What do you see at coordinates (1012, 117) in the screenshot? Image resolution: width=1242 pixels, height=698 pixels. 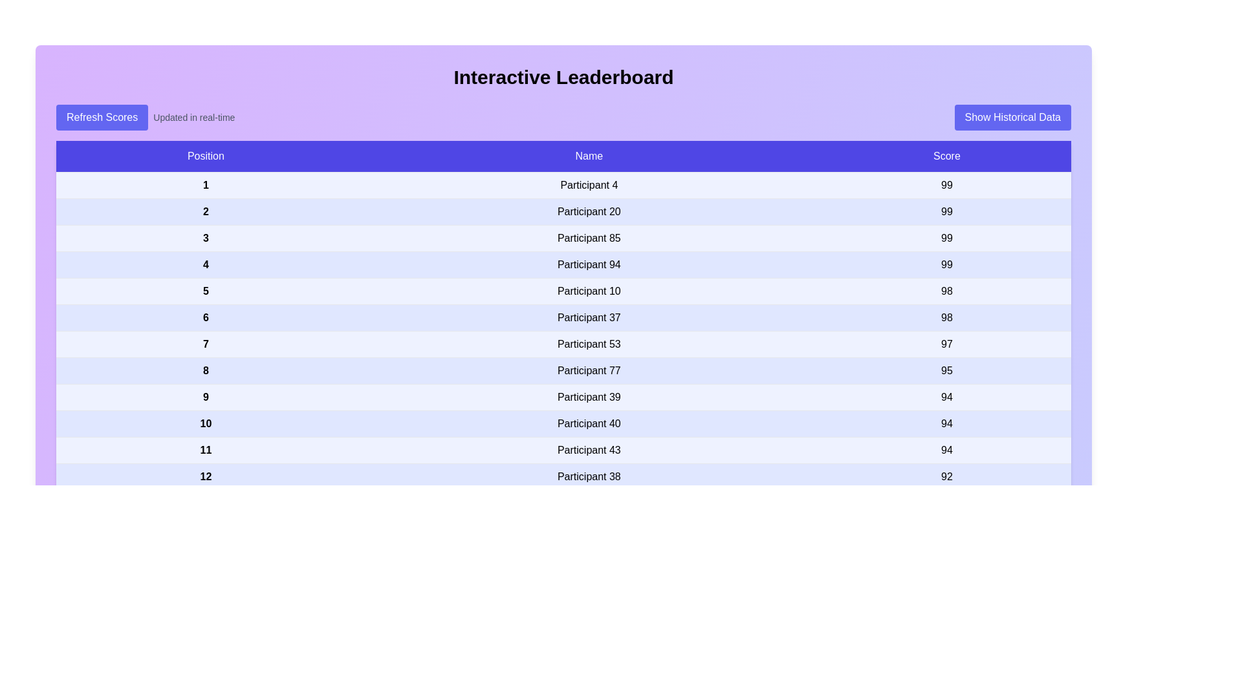 I see `the 'Show Historical Data' button to display past score information` at bounding box center [1012, 117].